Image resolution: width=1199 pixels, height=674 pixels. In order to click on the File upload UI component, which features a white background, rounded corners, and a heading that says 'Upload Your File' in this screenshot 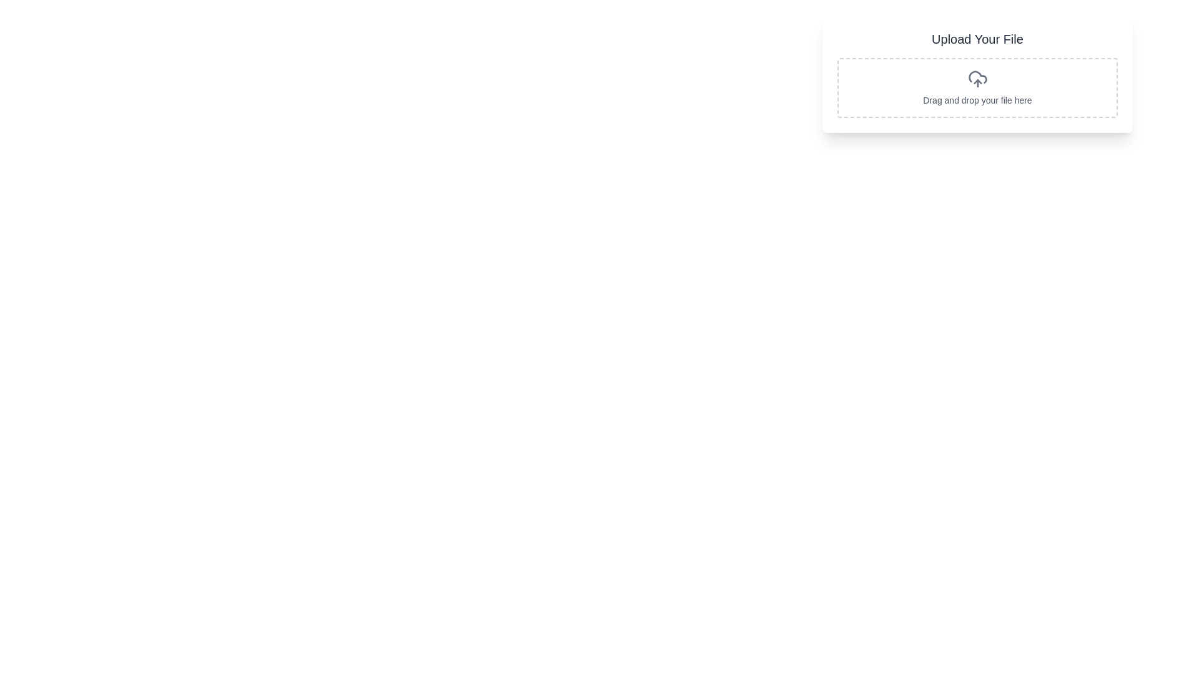, I will do `click(977, 74)`.